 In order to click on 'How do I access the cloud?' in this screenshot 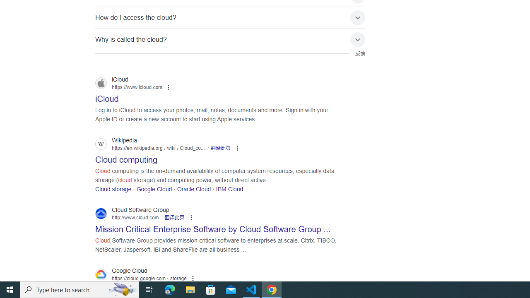, I will do `click(230, 17)`.